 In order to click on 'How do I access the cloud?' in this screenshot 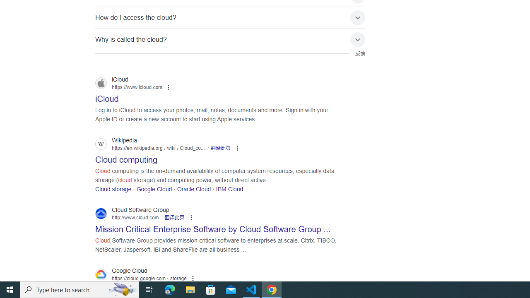, I will do `click(230, 17)`.